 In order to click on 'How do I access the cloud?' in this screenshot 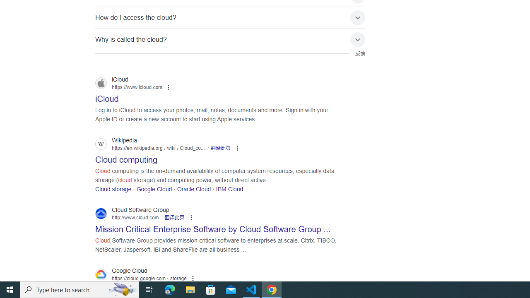, I will do `click(230, 17)`.